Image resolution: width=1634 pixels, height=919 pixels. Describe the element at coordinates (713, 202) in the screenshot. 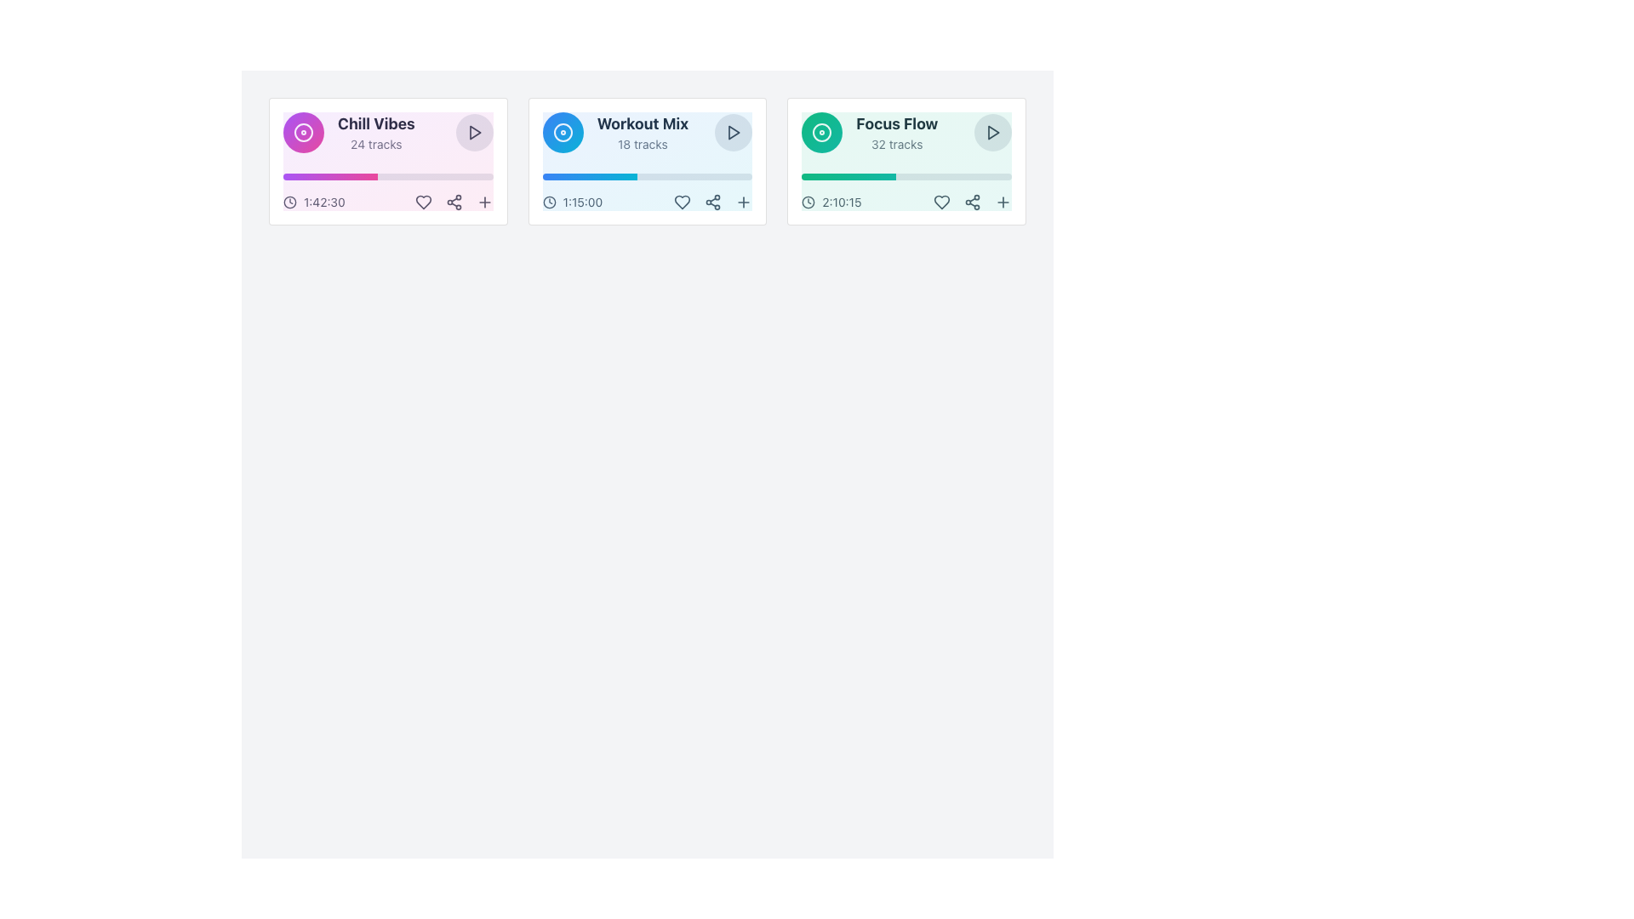

I see `the share button represented by interconnected circles with lines, located at the bottom right of the 'Workout Mix' card, which is the second card in the row of cards` at that location.